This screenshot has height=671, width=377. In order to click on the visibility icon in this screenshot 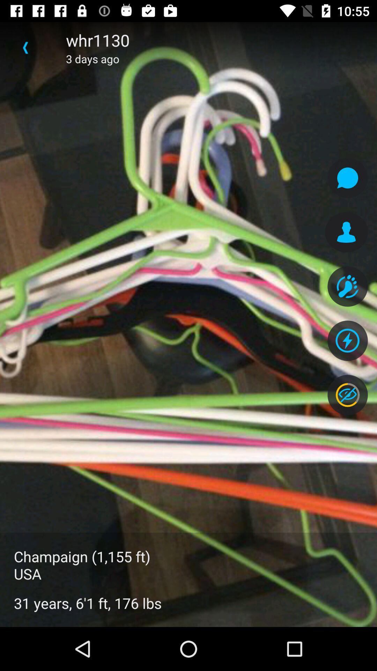, I will do `click(347, 395)`.